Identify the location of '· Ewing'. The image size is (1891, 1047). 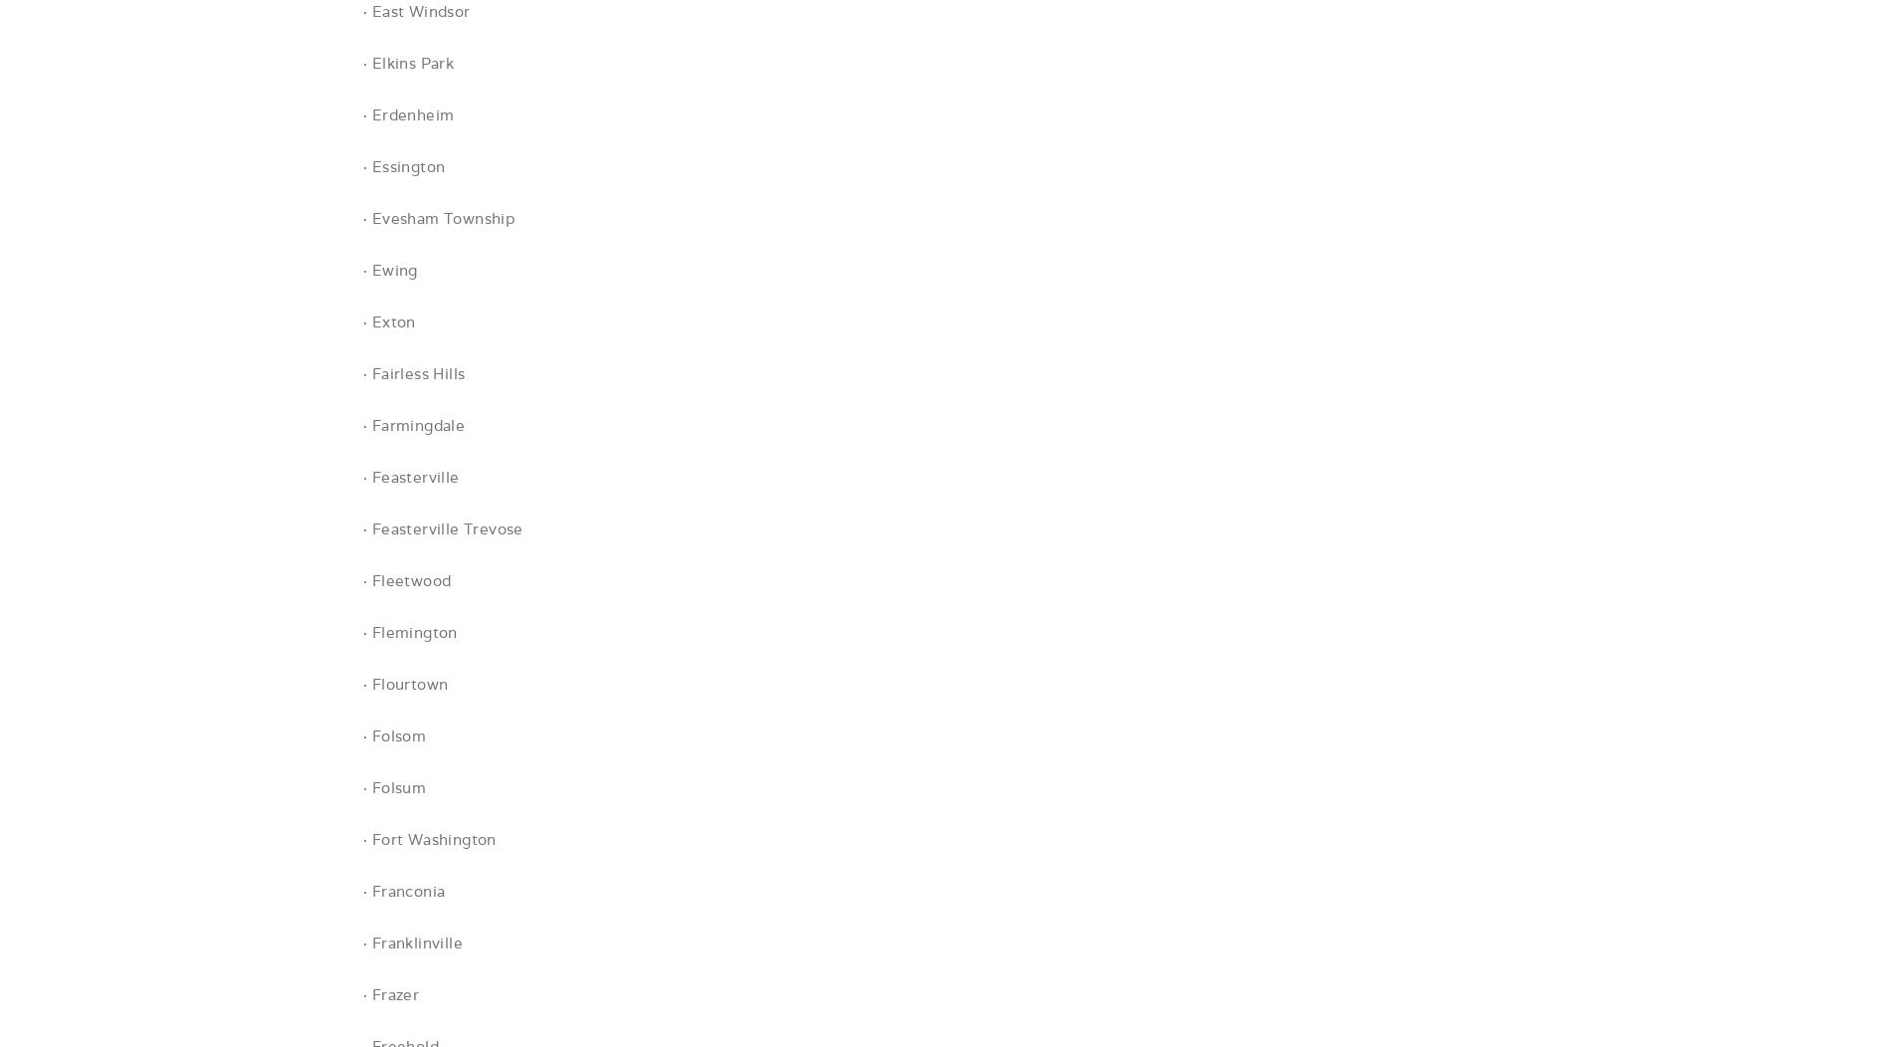
(388, 270).